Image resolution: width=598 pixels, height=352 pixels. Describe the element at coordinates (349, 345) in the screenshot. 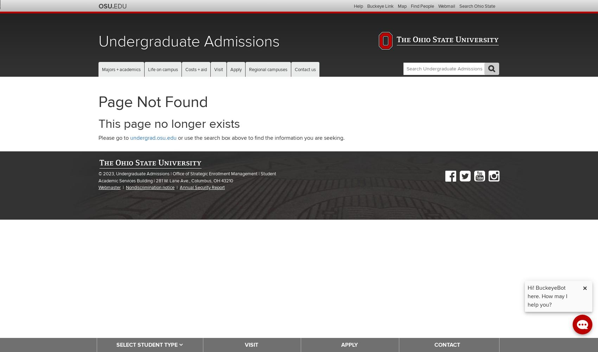

I see `'APPLY'` at that location.